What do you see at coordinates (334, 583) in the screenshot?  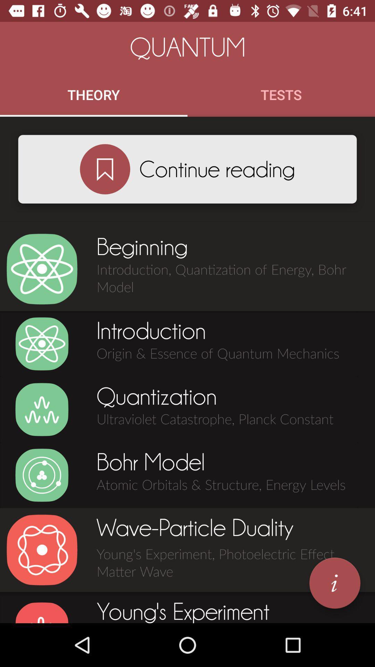 I see `get information on highlighted area` at bounding box center [334, 583].